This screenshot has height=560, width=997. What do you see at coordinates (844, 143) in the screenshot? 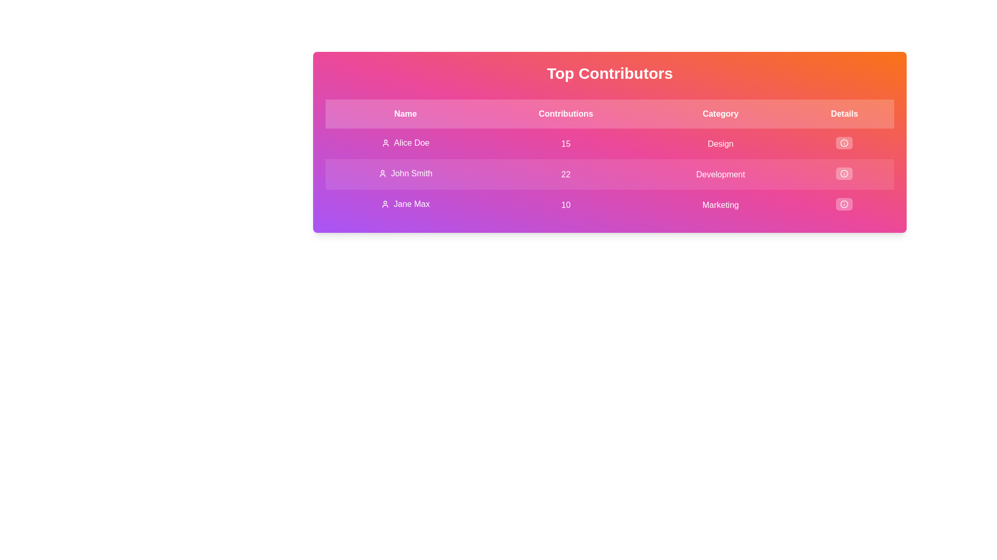
I see `the central graphical circle of the information icon located in the 'Details' column of the 'Top Contributors' table for the first row, associated with the 'Design' category` at bounding box center [844, 143].